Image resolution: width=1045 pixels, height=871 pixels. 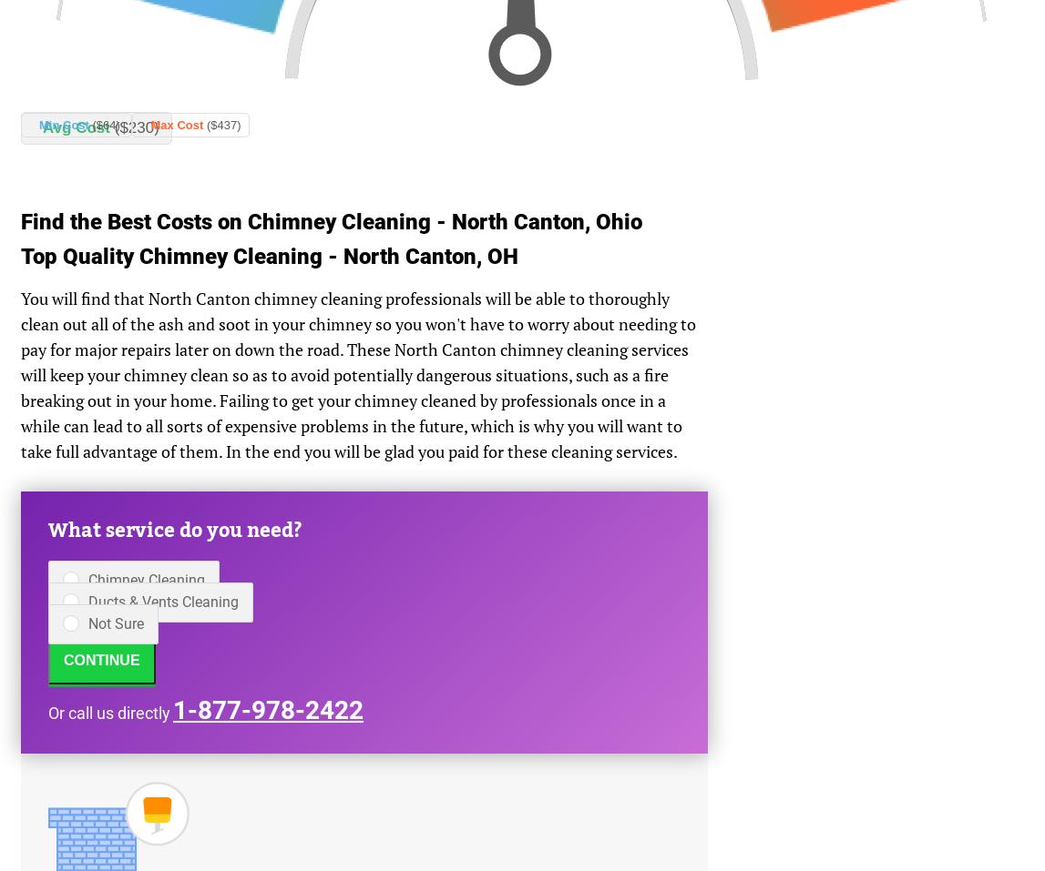 I want to click on 'You will find that North Canton chimney cleaning professionals will be able to thoroughly clean out all of the ash and soot in your chimney so you won't have to worry about needing to pay for major repairs later on down the road. These North Canton chimney cleaning services will keep your chimney clean so as to avoid potentially dangerous situations, such as a fire breaking out in your home. Failing to get your chimney cleaned by professionals once in a while can lead to all sorts of expensive problems in the future, which is why you will want to take full advantage of them. In the end you will be glad you paid for these cleaning services.', so click(x=358, y=373).